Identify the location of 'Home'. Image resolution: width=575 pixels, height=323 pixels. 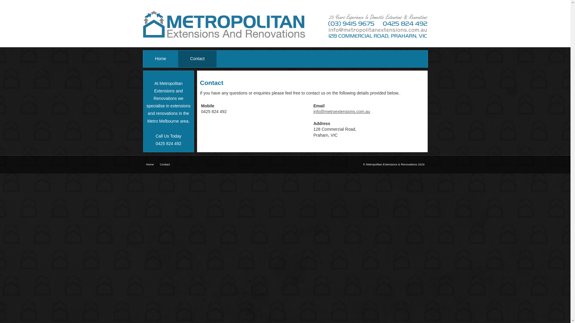
(150, 164).